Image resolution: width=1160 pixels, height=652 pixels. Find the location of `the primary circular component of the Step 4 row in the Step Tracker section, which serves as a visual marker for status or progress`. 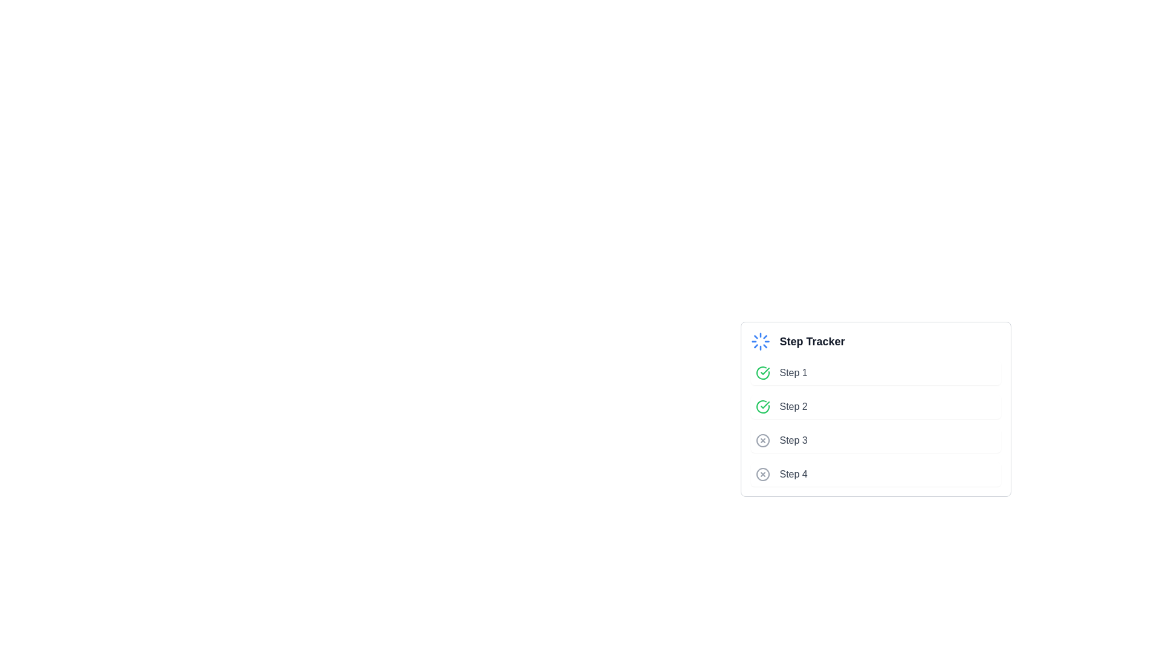

the primary circular component of the Step 4 row in the Step Tracker section, which serves as a visual marker for status or progress is located at coordinates (762, 474).